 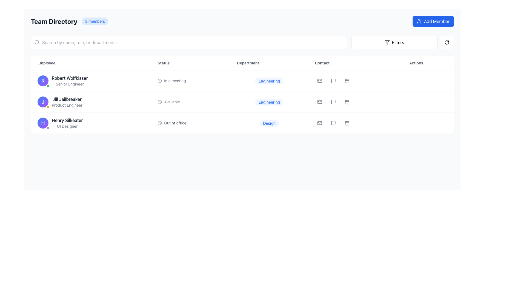 What do you see at coordinates (428, 102) in the screenshot?
I see `the Ellipsis button represented by three vertical dots in the 'Actions' column for 'Jill Jailbreaker'` at bounding box center [428, 102].